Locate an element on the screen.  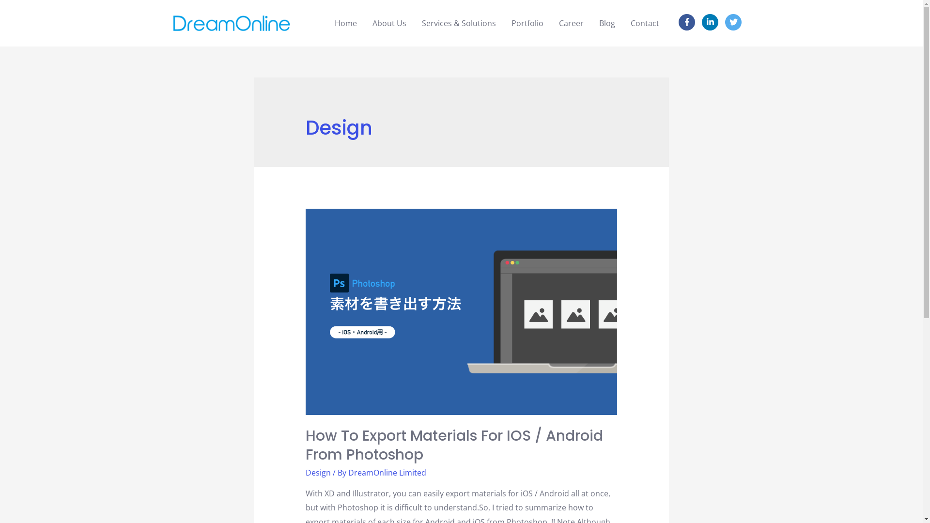
'Services & Solutions' is located at coordinates (458, 22).